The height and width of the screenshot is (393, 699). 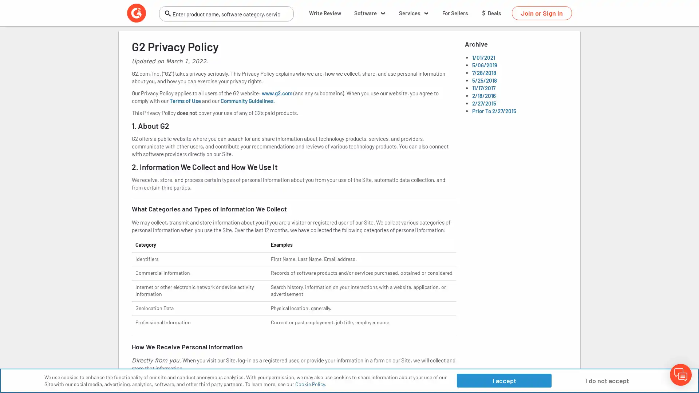 What do you see at coordinates (607, 380) in the screenshot?
I see `I do not accept` at bounding box center [607, 380].